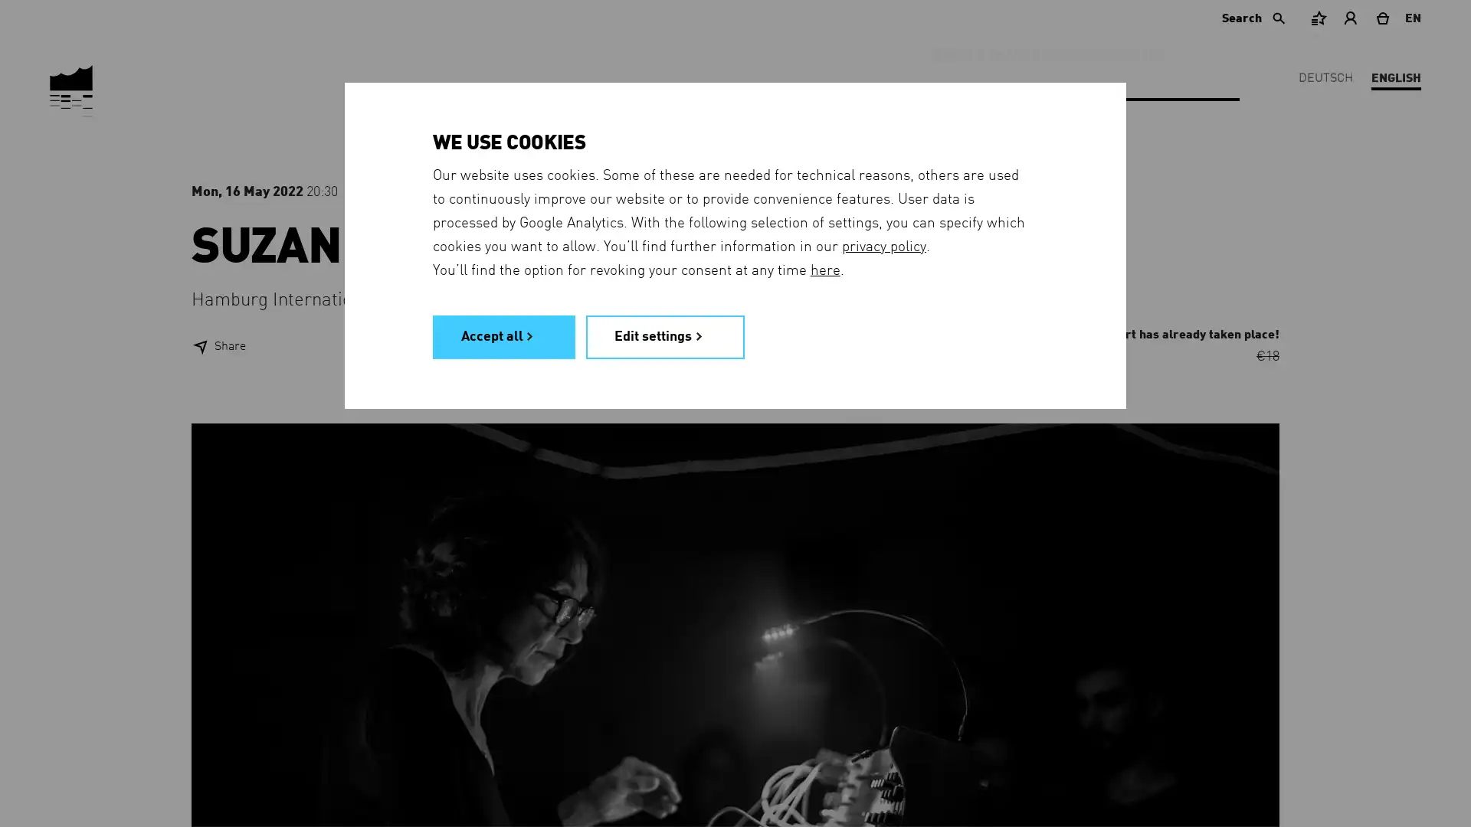 The image size is (1471, 827). I want to click on Edit settings, so click(665, 335).